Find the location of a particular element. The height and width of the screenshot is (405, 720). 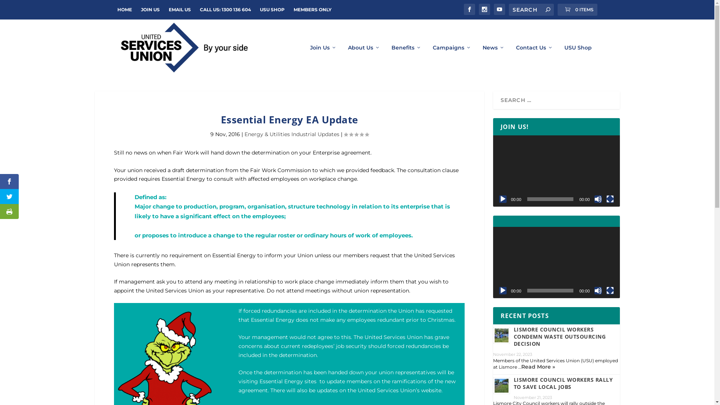

'About Us' is located at coordinates (364, 60).